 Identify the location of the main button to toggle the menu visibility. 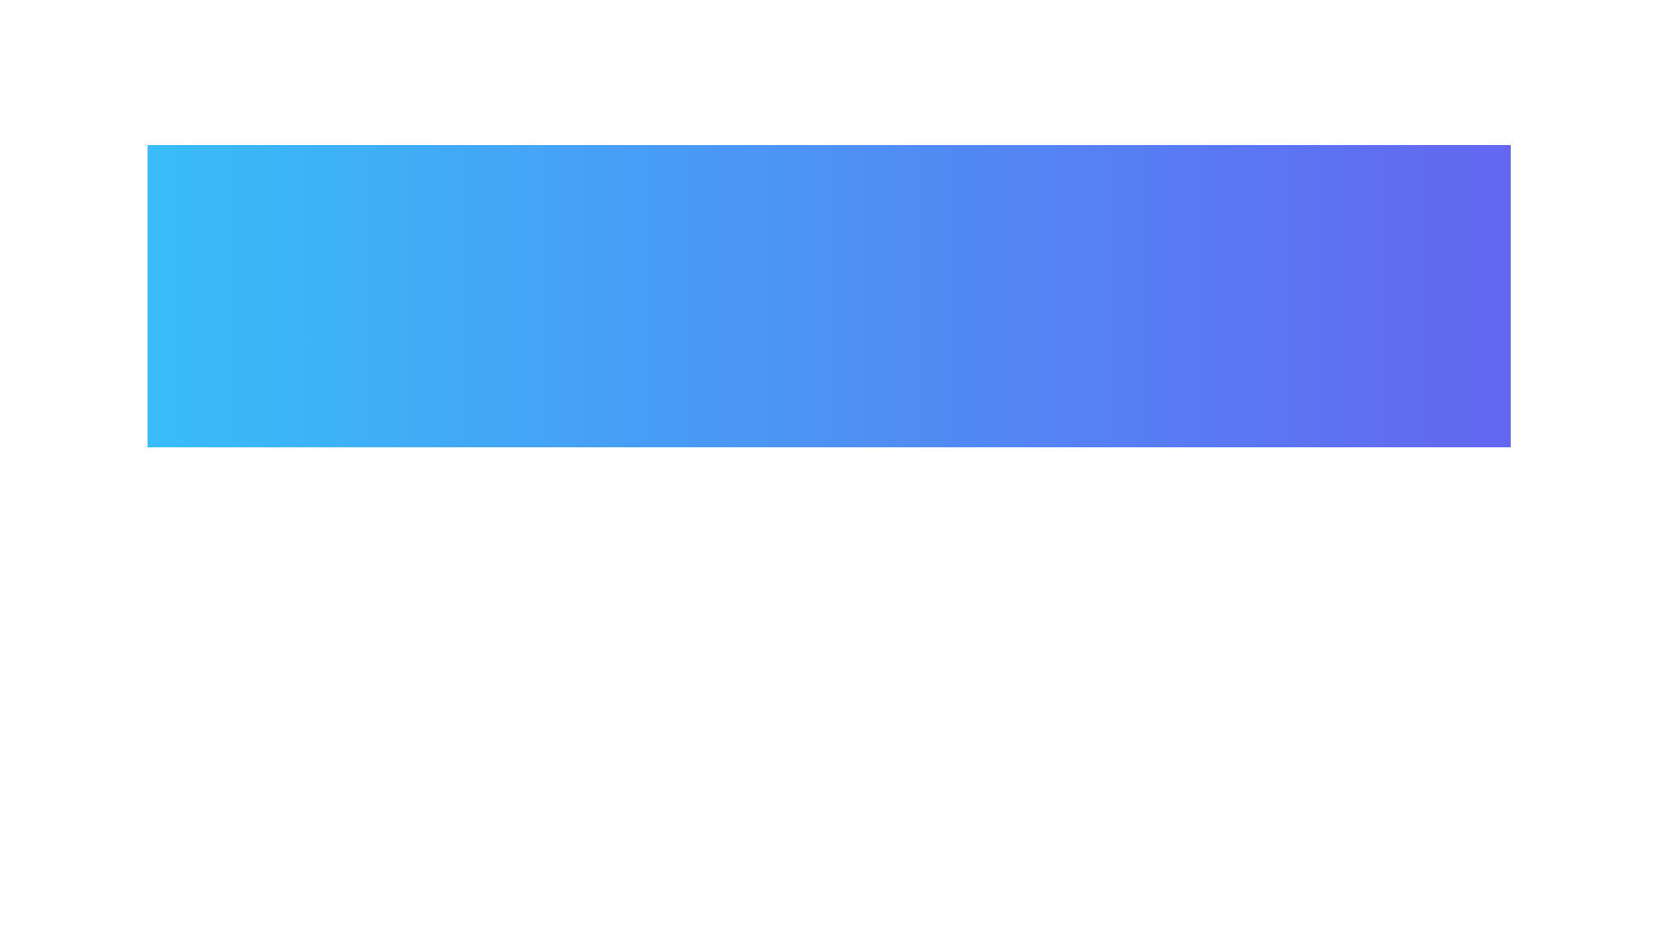
(828, 512).